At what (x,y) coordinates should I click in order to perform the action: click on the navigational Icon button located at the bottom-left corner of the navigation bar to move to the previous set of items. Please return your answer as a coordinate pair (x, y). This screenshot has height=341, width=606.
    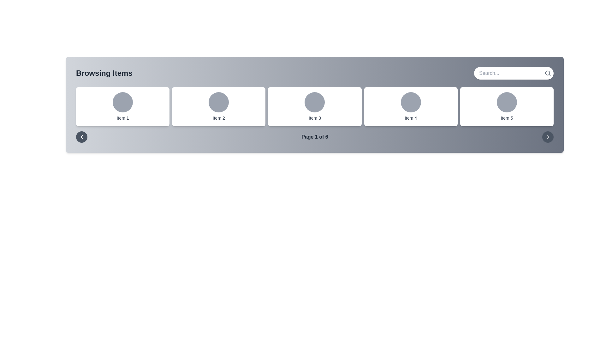
    Looking at the image, I should click on (81, 137).